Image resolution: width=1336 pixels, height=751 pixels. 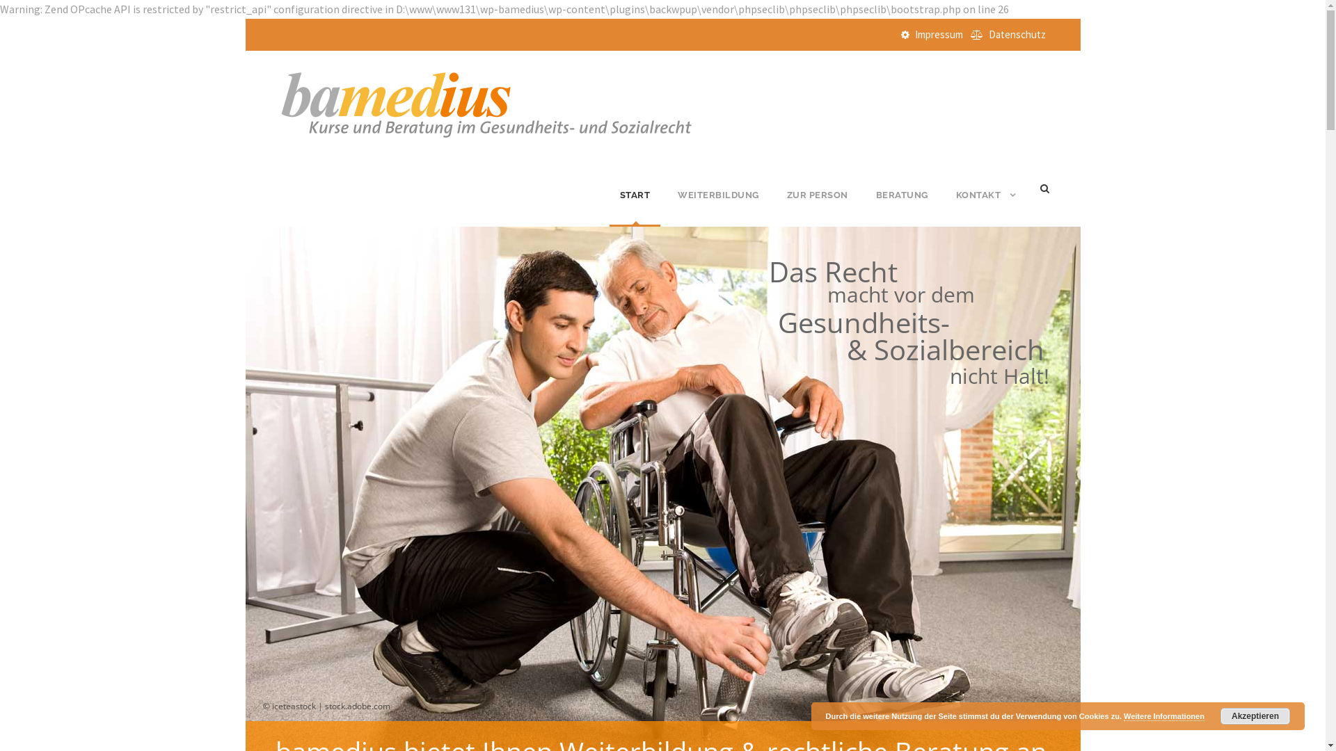 I want to click on 'START', so click(x=634, y=207).